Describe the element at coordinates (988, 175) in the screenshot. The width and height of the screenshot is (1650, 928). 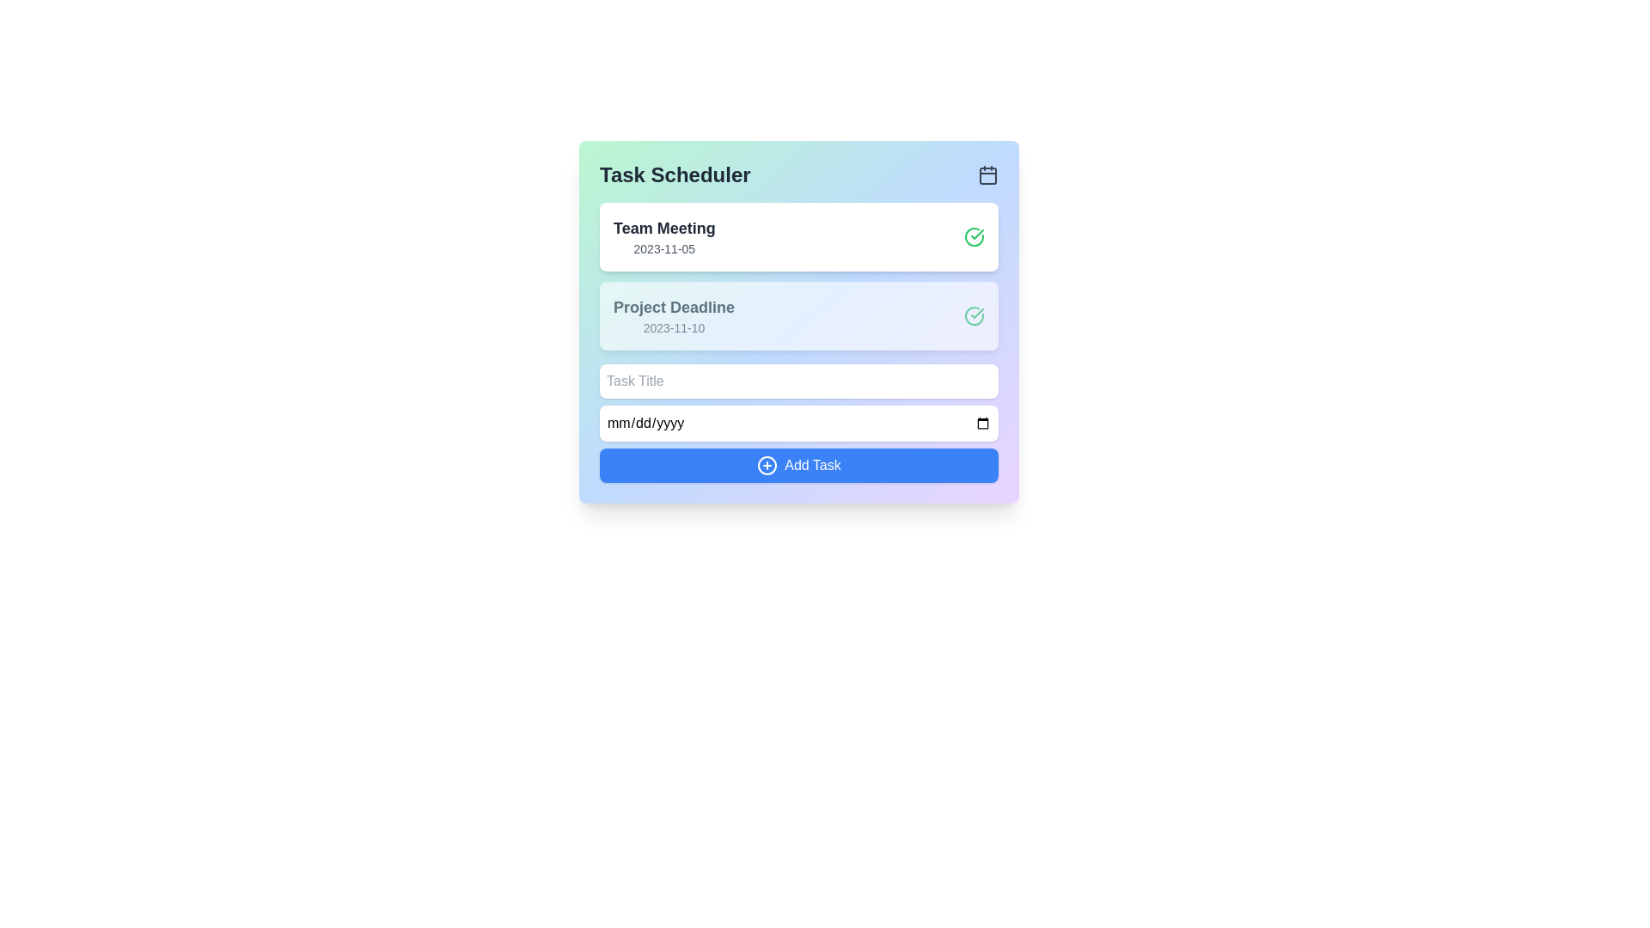
I see `the rounded rectangle that is part of the calendar icon located in the top-right corner of the interface` at that location.